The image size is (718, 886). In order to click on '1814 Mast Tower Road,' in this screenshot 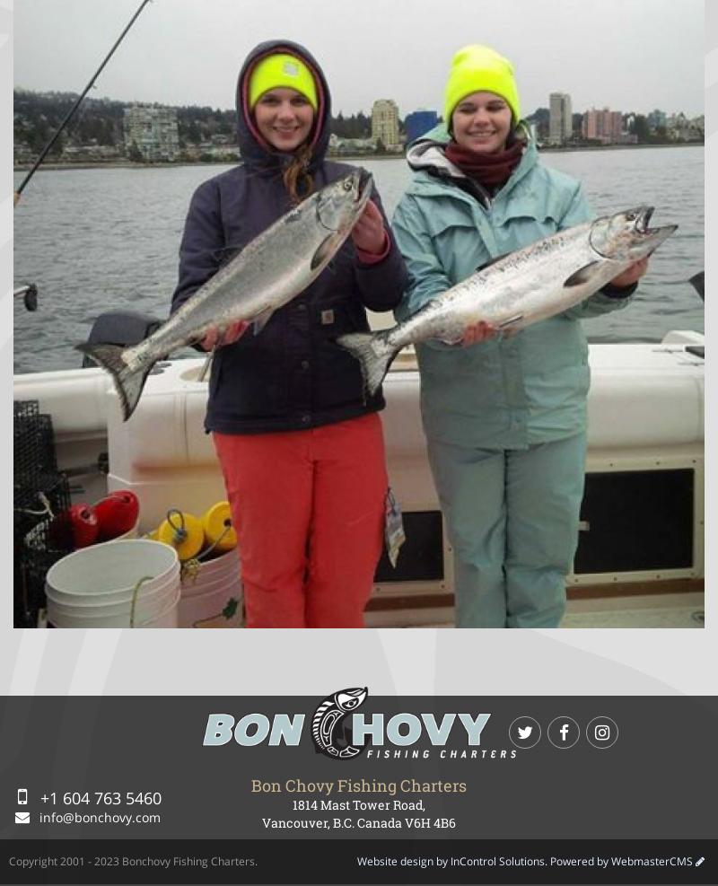, I will do `click(292, 803)`.